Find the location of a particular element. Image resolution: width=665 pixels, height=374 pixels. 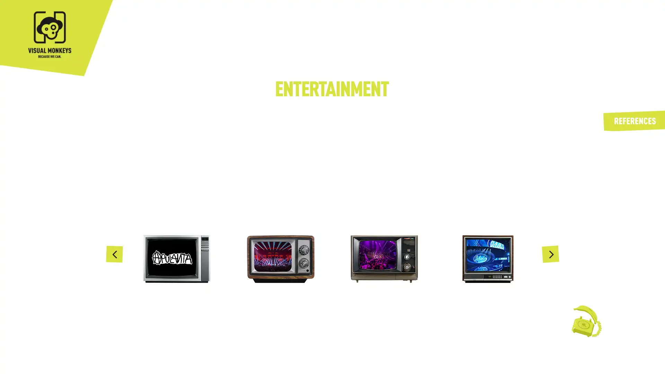

Previous slide is located at coordinates (114, 253).